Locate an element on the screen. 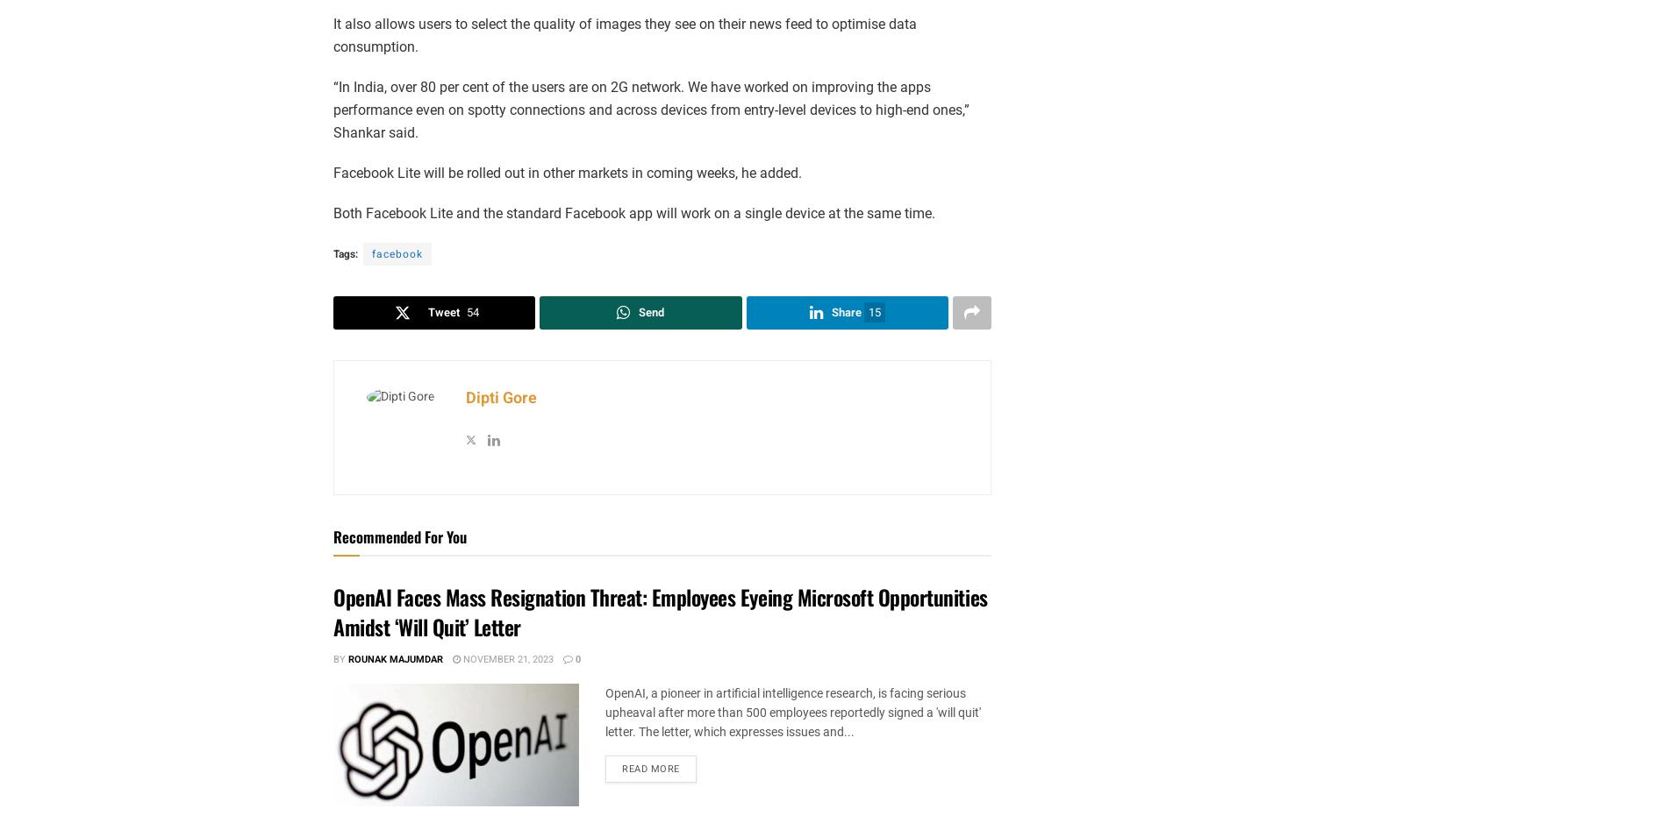 This screenshot has height=823, width=1667. 'Dipti Gore' is located at coordinates (466, 398).